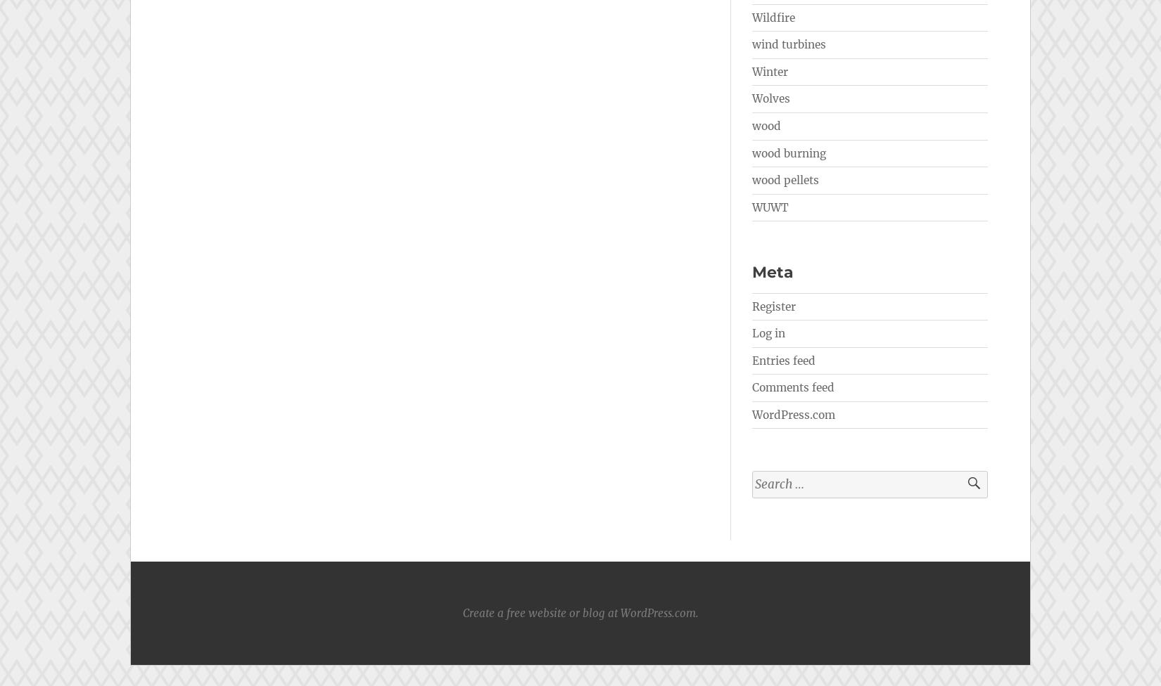  I want to click on 'Register', so click(774, 305).